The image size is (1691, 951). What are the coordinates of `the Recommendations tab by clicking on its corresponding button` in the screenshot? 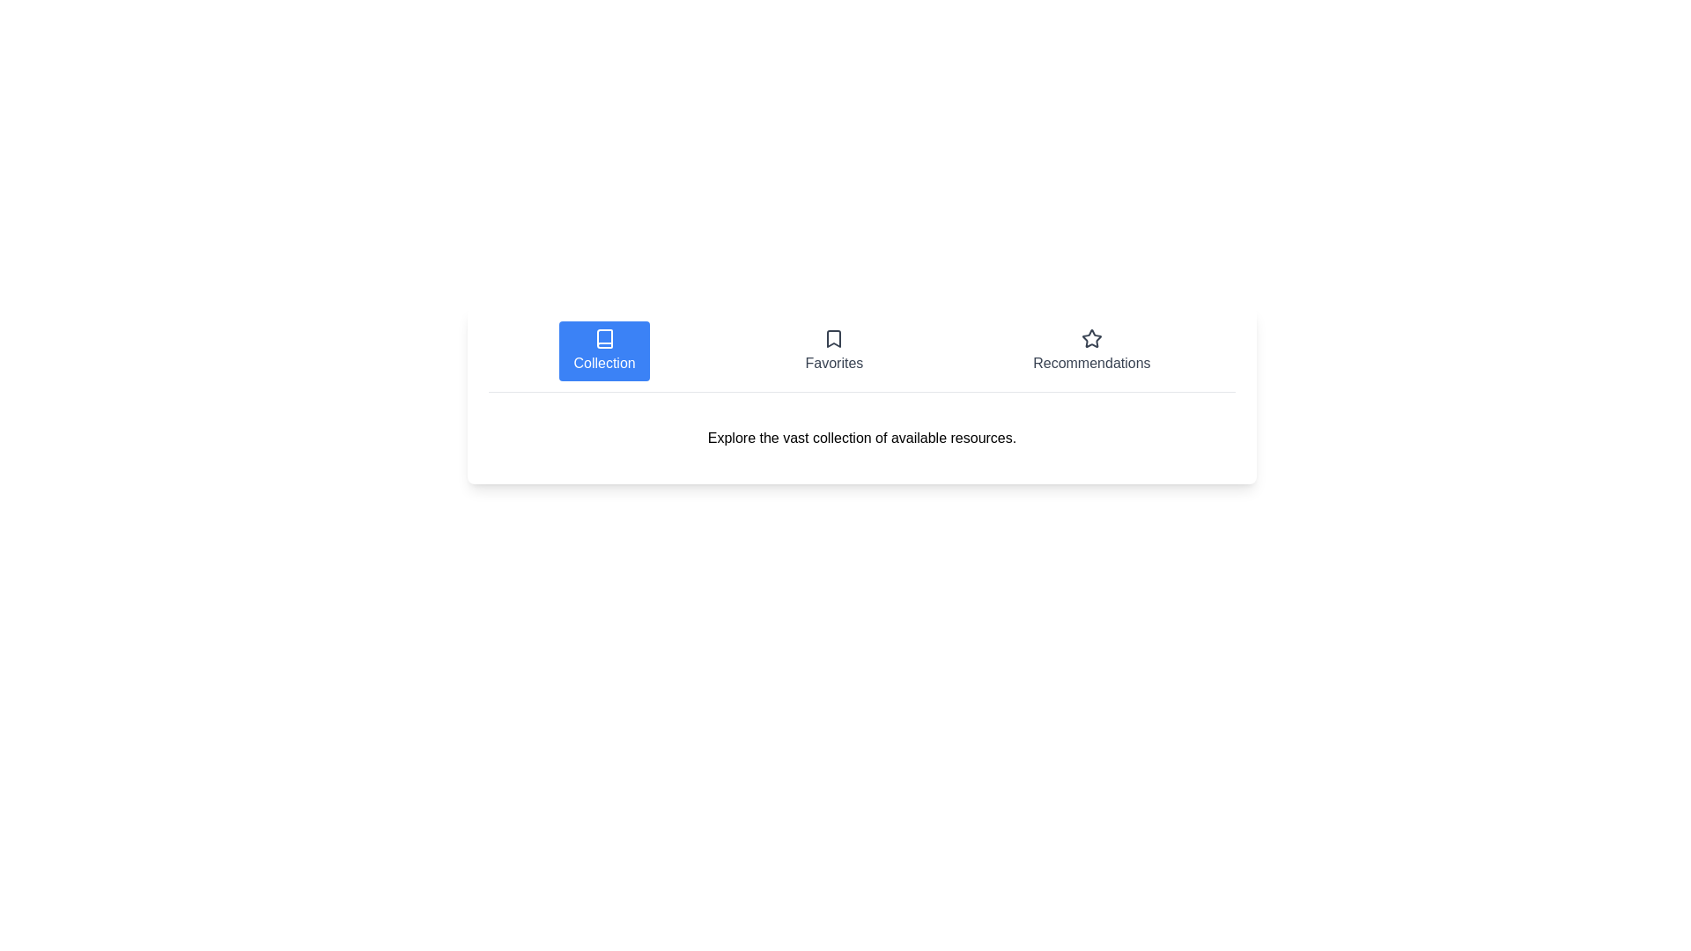 It's located at (1090, 350).